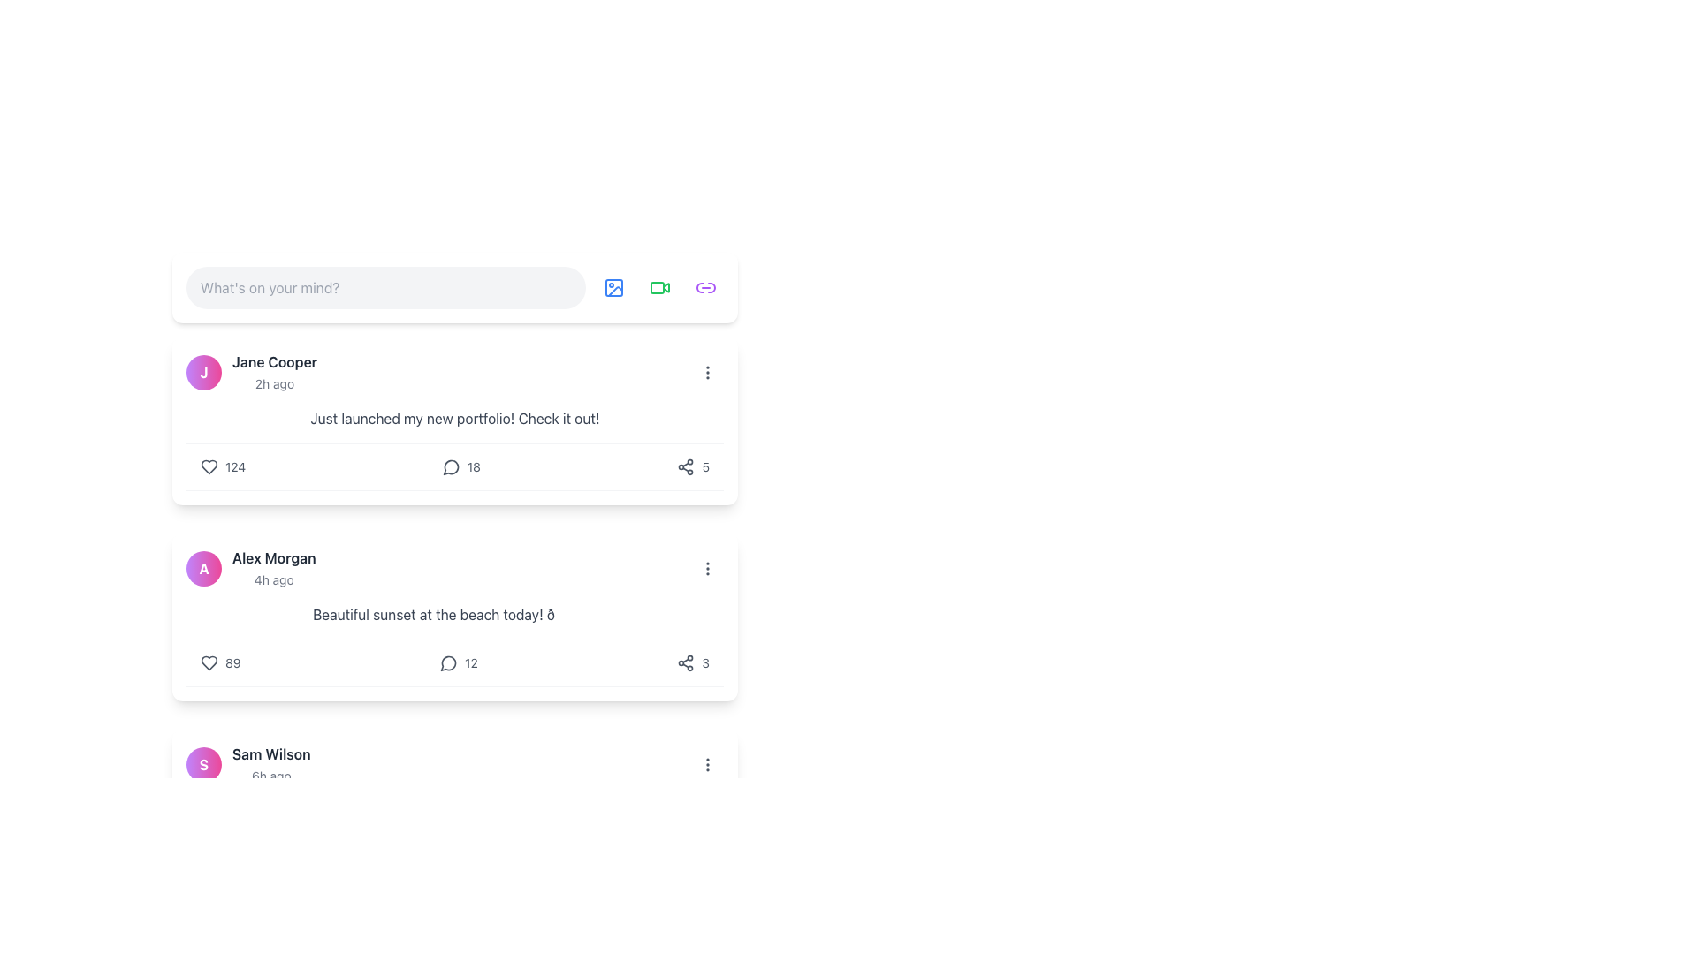 Image resolution: width=1697 pixels, height=954 pixels. Describe the element at coordinates (250, 371) in the screenshot. I see `the user name 'Jane Cooper' located at the top-left of the first post's card component` at that location.